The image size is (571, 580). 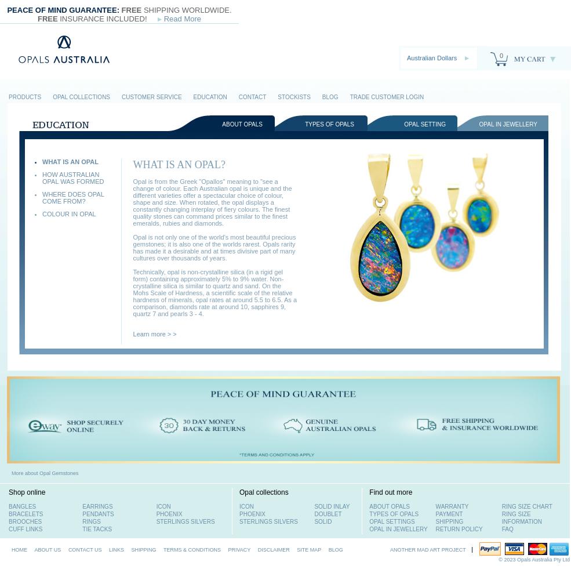 What do you see at coordinates (390, 492) in the screenshot?
I see `'Find out more'` at bounding box center [390, 492].